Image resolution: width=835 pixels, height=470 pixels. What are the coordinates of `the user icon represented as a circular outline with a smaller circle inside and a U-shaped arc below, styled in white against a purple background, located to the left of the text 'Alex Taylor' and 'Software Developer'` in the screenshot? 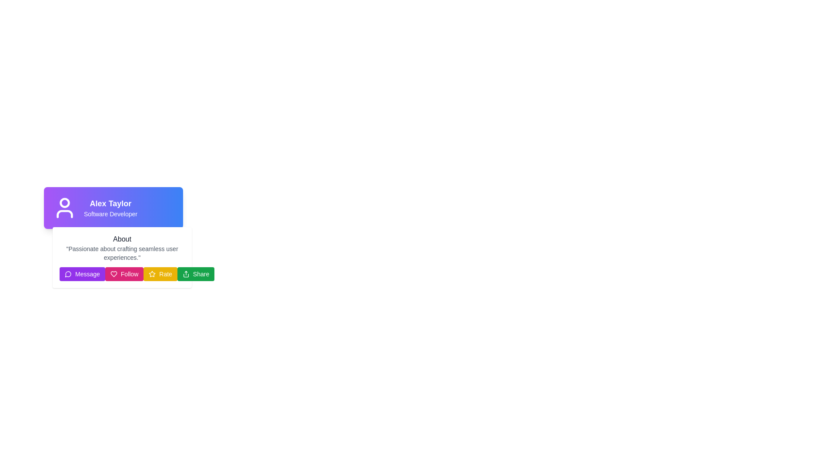 It's located at (64, 208).